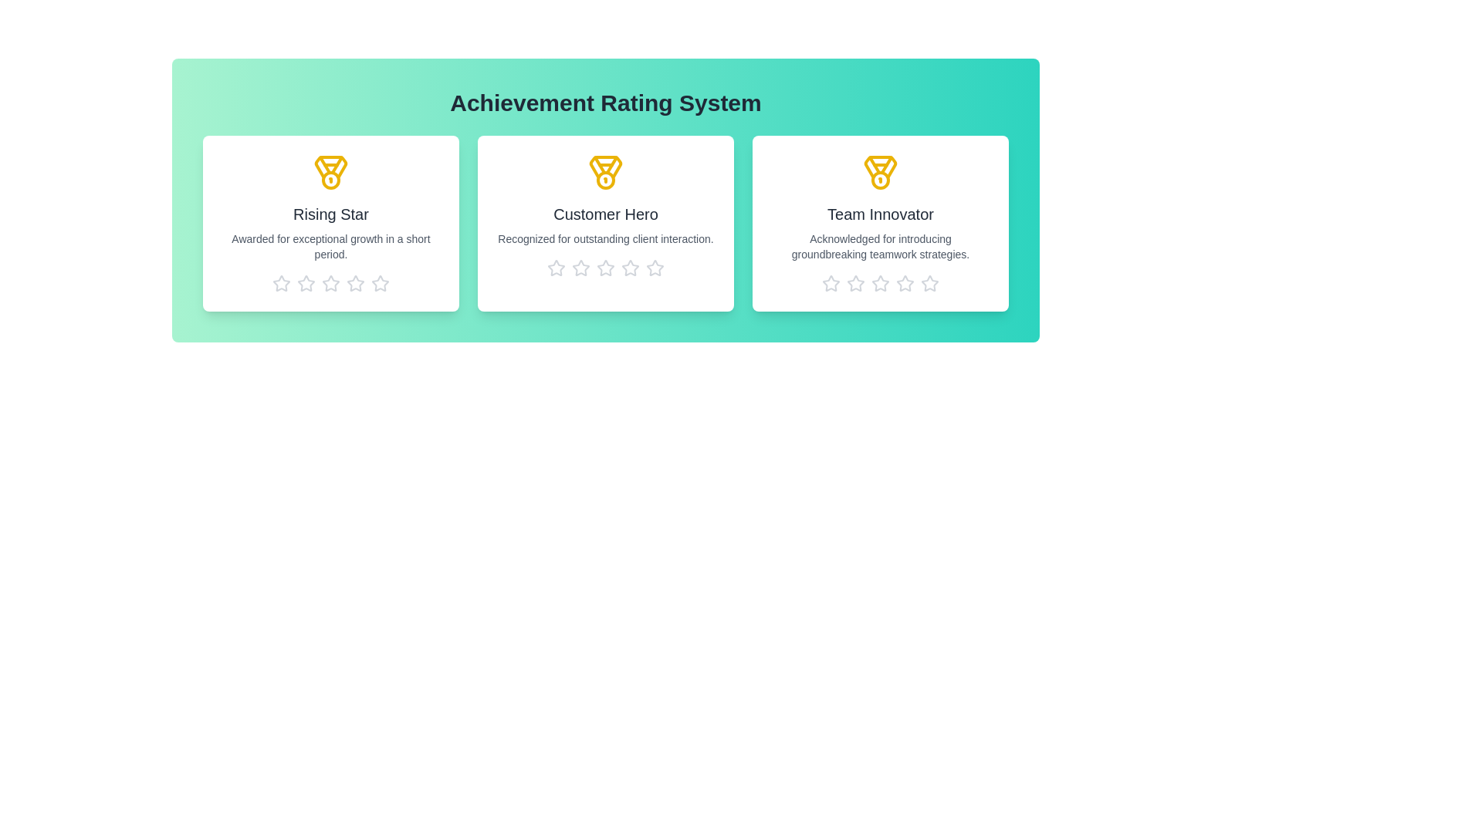  What do you see at coordinates (330, 214) in the screenshot?
I see `the title of the achievement Rising Star` at bounding box center [330, 214].